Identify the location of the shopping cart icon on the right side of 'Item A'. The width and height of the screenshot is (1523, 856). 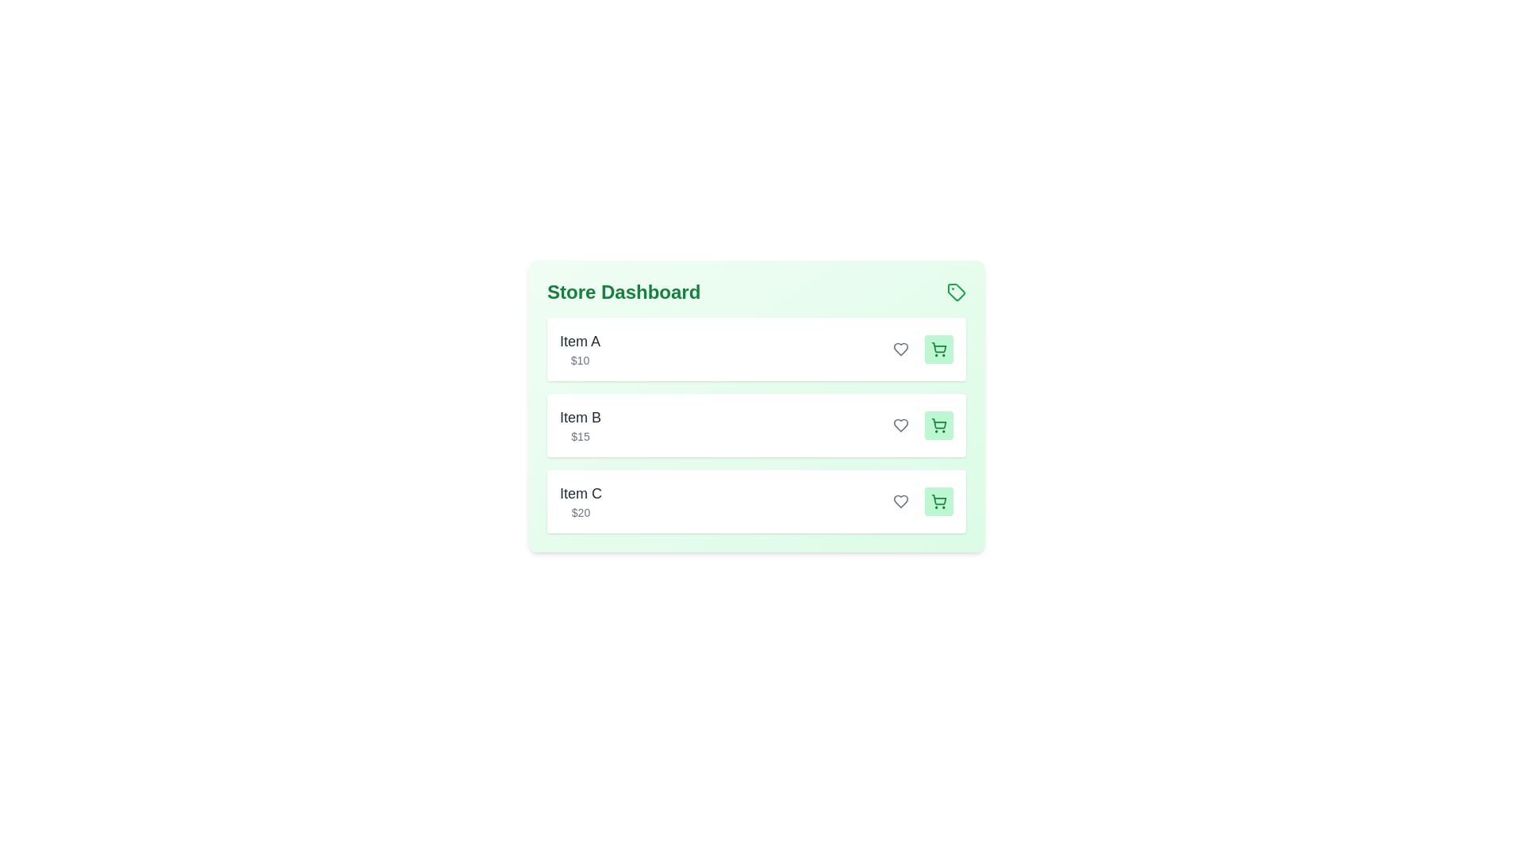
(939, 348).